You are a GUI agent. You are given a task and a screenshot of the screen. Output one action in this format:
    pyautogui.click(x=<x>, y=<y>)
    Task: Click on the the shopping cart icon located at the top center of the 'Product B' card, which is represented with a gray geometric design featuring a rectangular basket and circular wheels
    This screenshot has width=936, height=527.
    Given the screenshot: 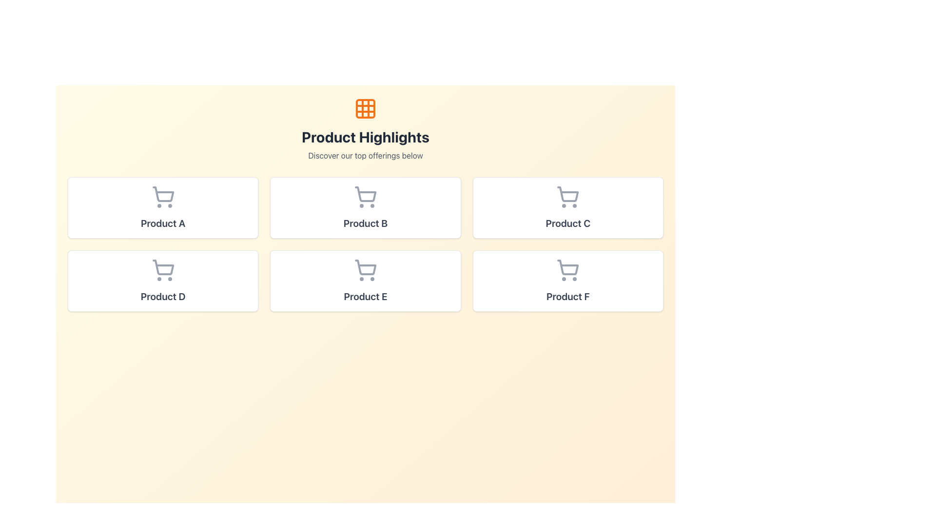 What is the action you would take?
    pyautogui.click(x=365, y=197)
    